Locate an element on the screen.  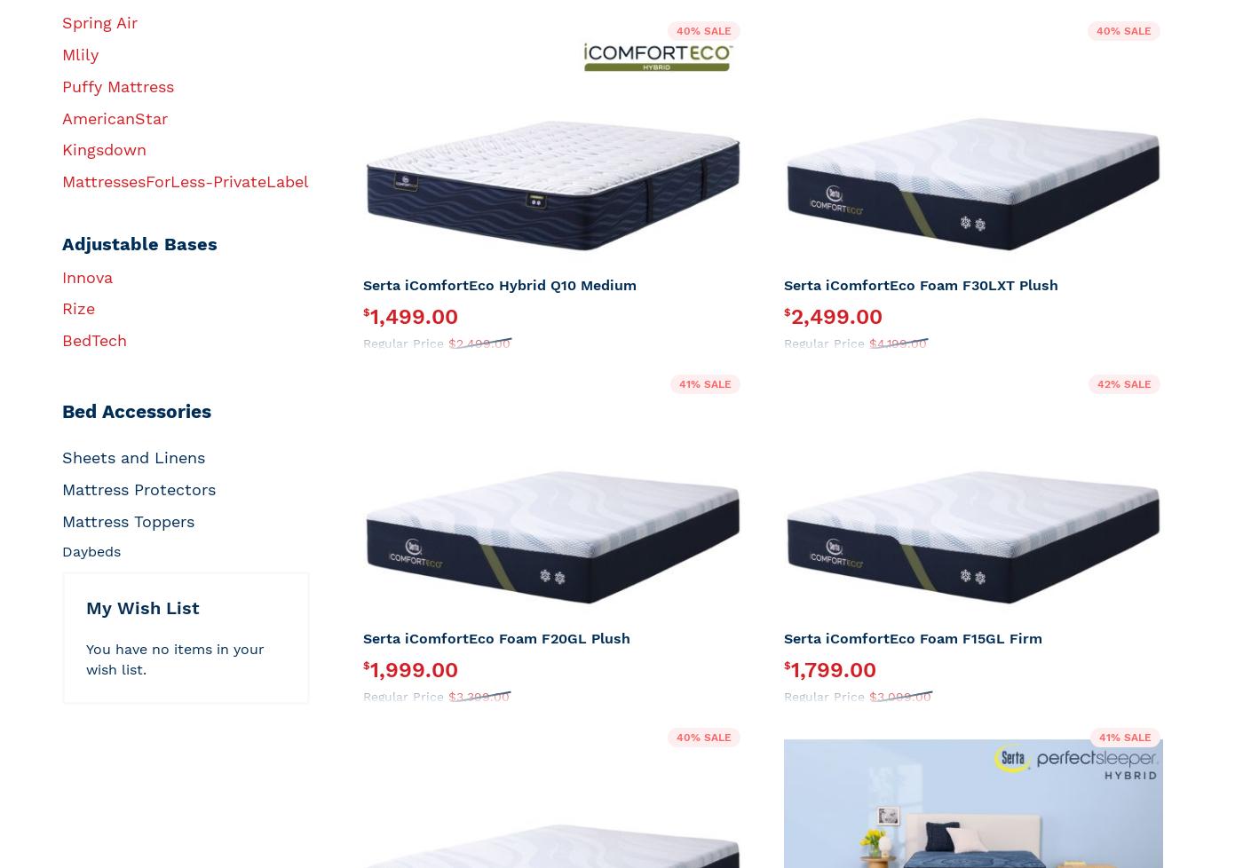
'4,199.00' is located at coordinates (876, 342).